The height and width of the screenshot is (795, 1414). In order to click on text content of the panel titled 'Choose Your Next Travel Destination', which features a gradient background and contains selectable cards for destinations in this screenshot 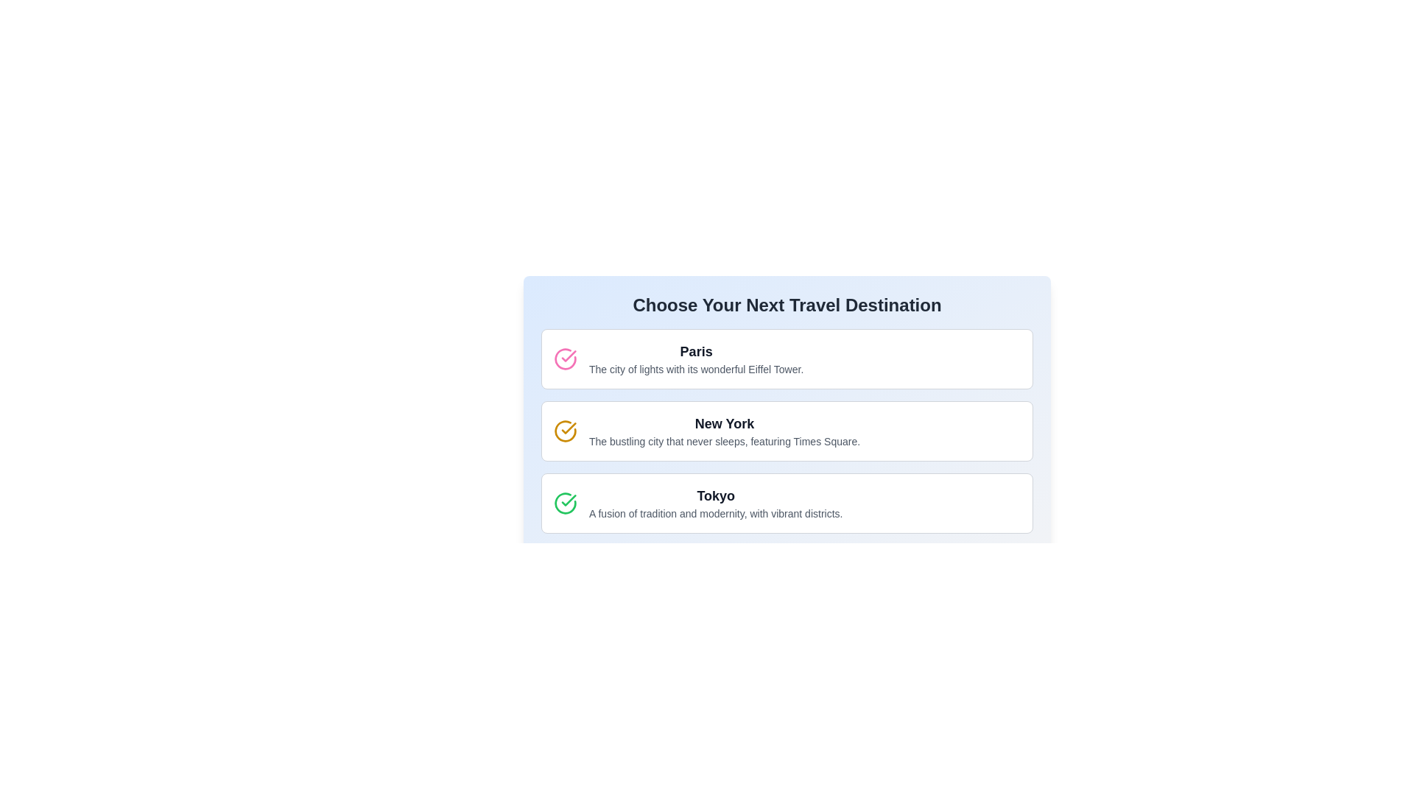, I will do `click(787, 431)`.